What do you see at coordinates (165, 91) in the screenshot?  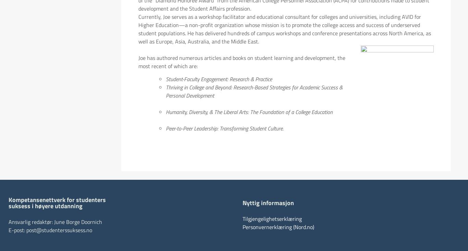 I see `'Thriving in College and Beyond: Research-Based Strategies for Academic Success & Personal Development'` at bounding box center [165, 91].